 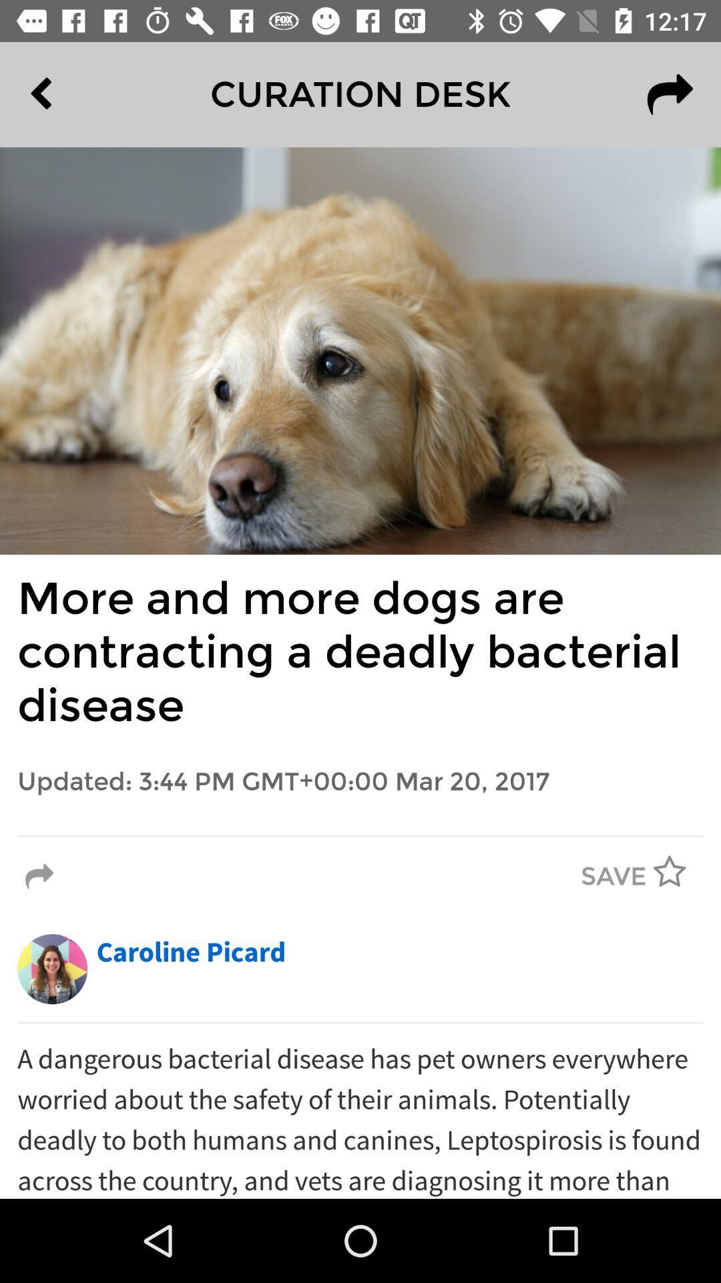 I want to click on the icon to the left of caroline picard item, so click(x=51, y=969).